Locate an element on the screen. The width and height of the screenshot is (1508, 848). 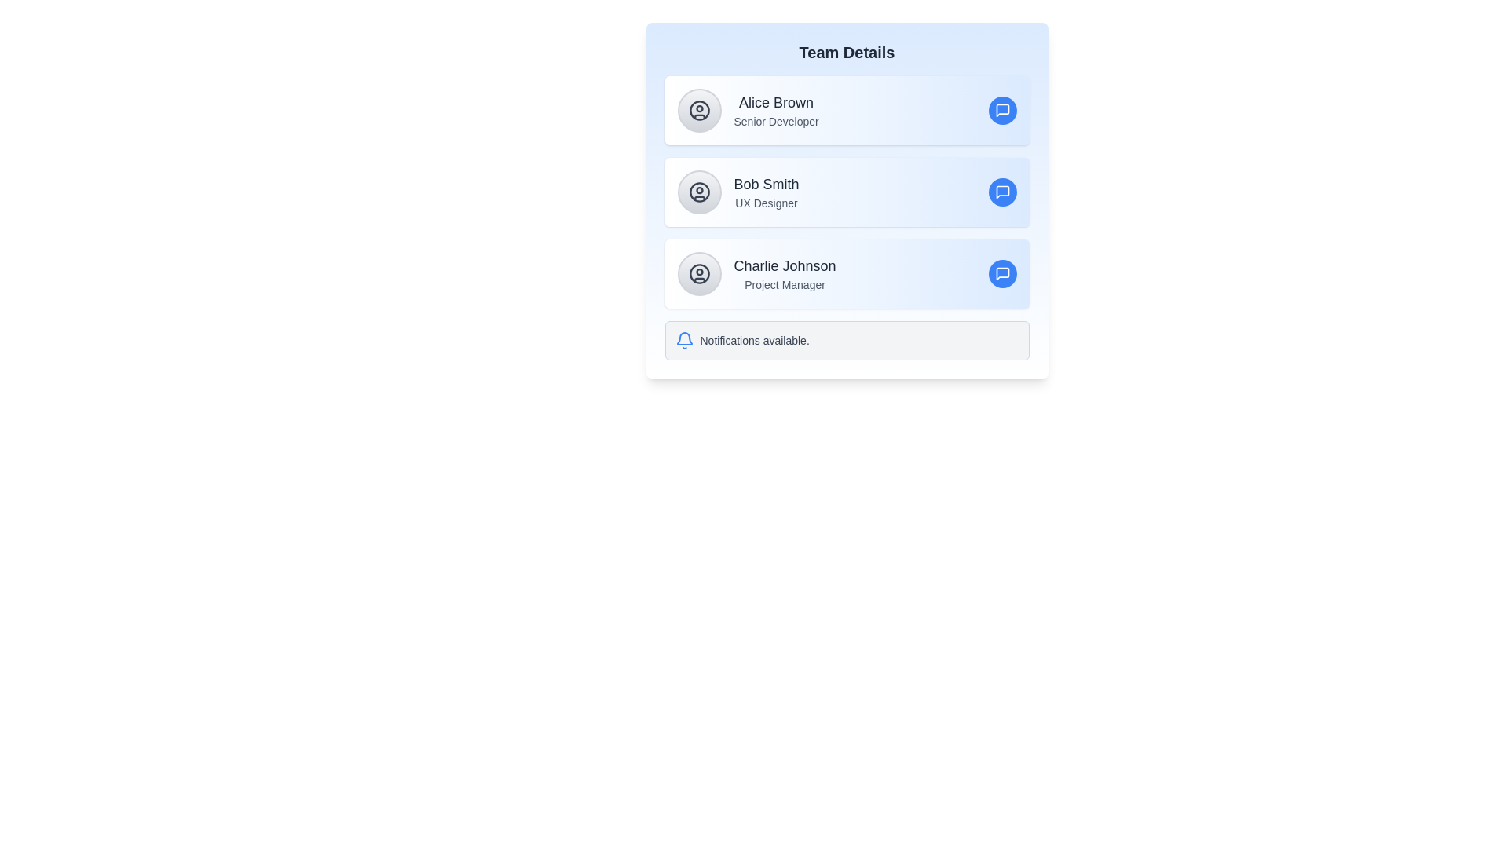
the button with an icon to initiate a message or chat interaction with 'Charlie Johnson' in the 'Team Details' interface, located in the bottom section of the user listing card is located at coordinates (1001, 272).